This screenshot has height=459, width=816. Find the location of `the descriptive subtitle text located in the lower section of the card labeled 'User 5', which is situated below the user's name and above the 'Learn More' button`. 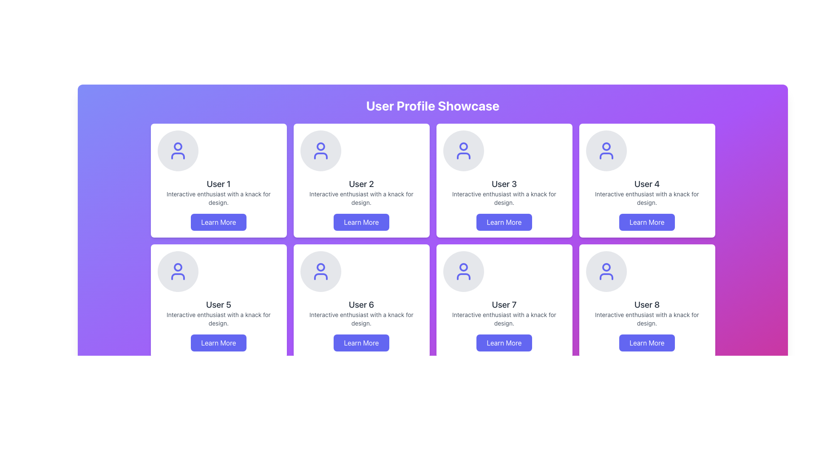

the descriptive subtitle text located in the lower section of the card labeled 'User 5', which is situated below the user's name and above the 'Learn More' button is located at coordinates (218, 319).